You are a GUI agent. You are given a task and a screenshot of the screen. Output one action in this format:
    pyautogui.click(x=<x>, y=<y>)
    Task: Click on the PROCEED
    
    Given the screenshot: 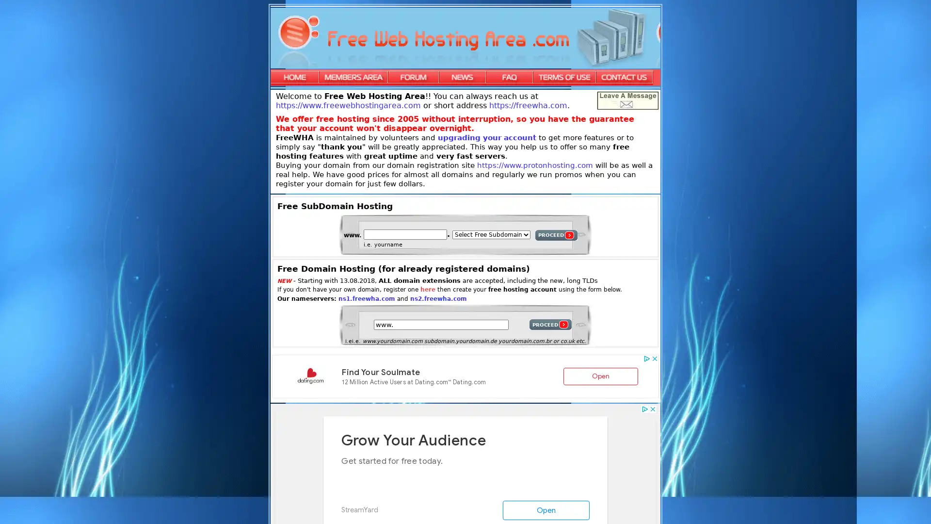 What is the action you would take?
    pyautogui.click(x=550, y=324)
    